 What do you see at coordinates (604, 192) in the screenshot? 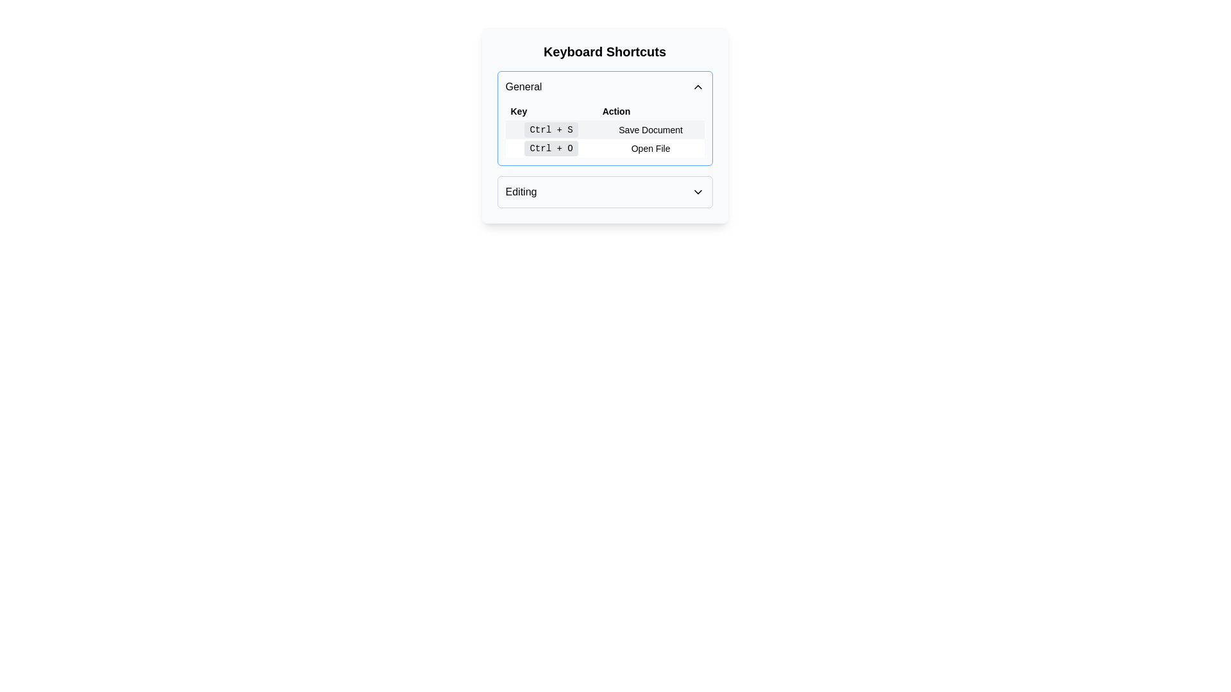
I see `the 'Editing' dropdown activator/button with a gray border and rounded corners, located in the 'Keyboard Shortcuts' section` at bounding box center [604, 192].